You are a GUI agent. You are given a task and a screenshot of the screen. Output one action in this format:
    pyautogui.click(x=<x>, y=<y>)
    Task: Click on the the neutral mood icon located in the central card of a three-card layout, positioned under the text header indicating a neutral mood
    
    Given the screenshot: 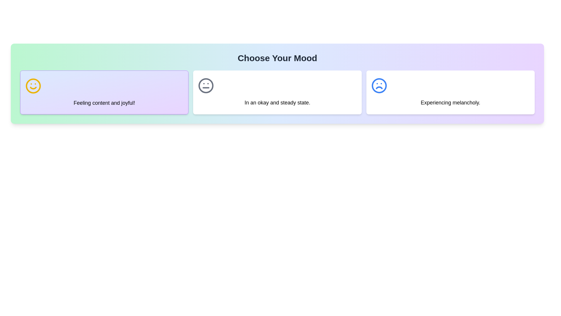 What is the action you would take?
    pyautogui.click(x=206, y=86)
    